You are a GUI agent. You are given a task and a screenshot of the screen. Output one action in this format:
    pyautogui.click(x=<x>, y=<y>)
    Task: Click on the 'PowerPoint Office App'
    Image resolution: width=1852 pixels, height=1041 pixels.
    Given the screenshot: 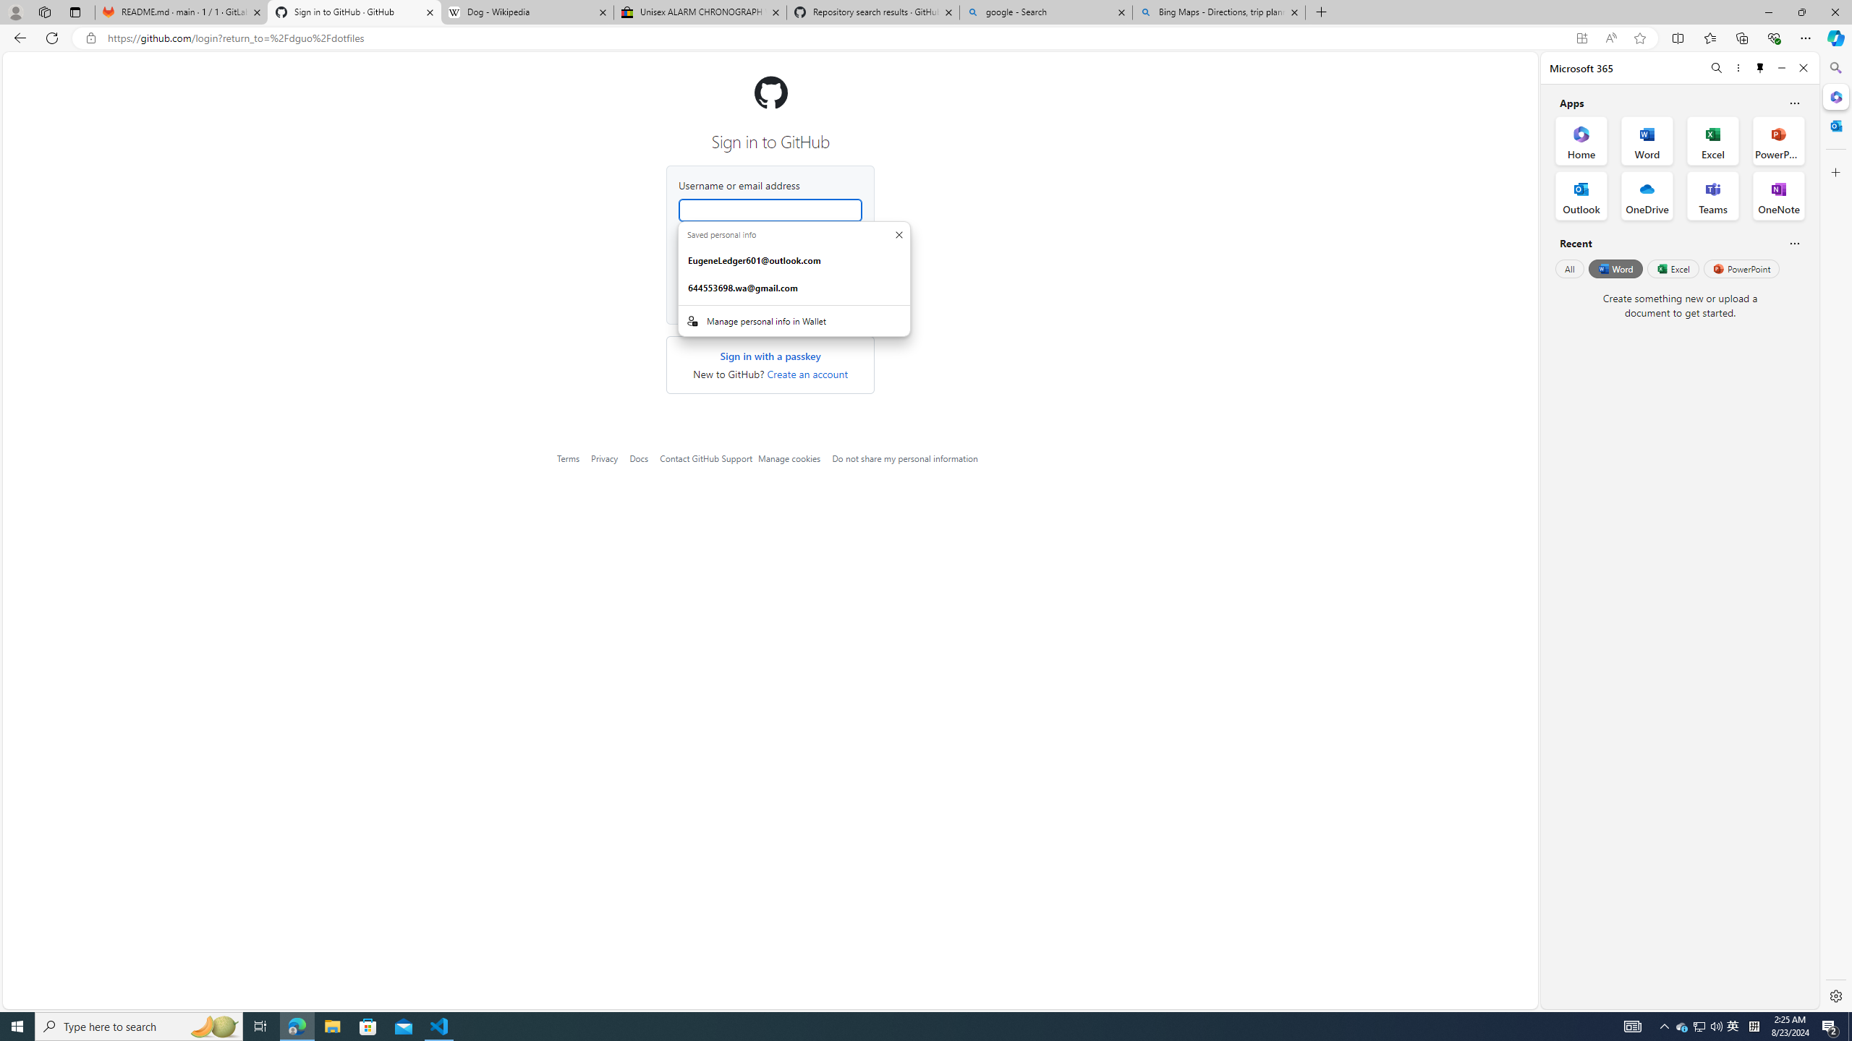 What is the action you would take?
    pyautogui.click(x=1778, y=141)
    